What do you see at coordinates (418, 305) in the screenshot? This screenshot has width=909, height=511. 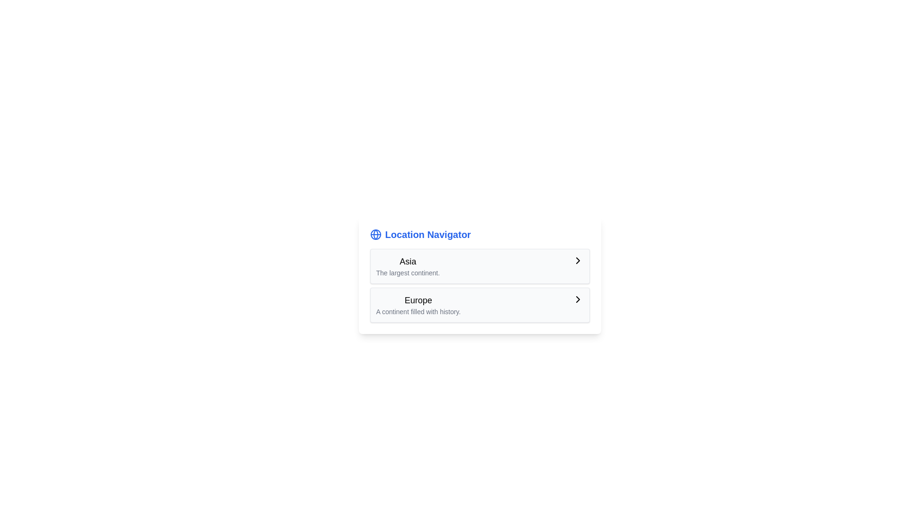 I see `the navigation entry for 'Europe' located underneath 'Asia' in the 'Location Navigator' panel` at bounding box center [418, 305].